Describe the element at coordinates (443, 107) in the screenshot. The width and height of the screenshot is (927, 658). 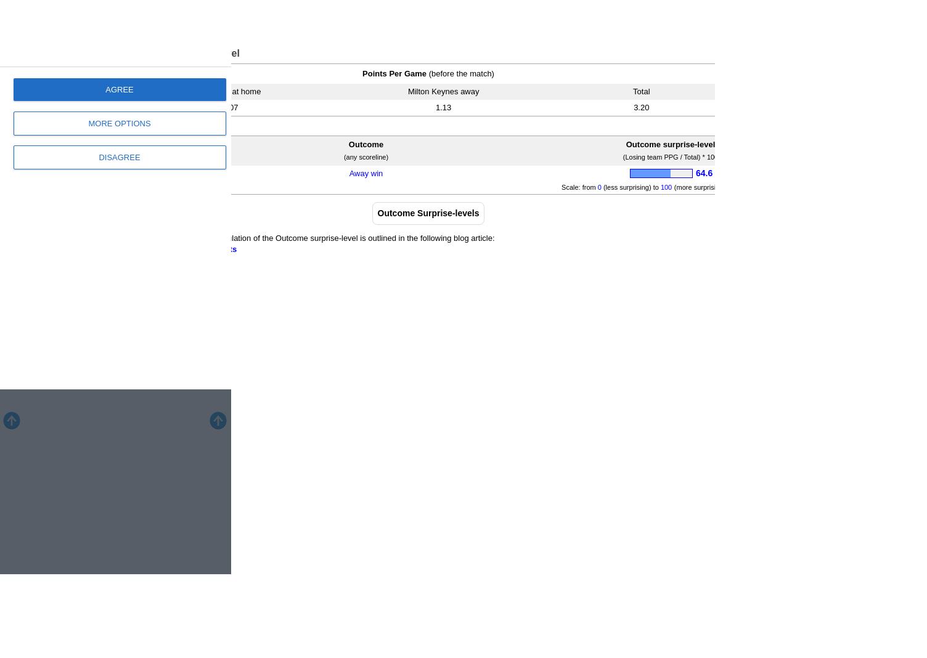
I see `'1.13'` at that location.